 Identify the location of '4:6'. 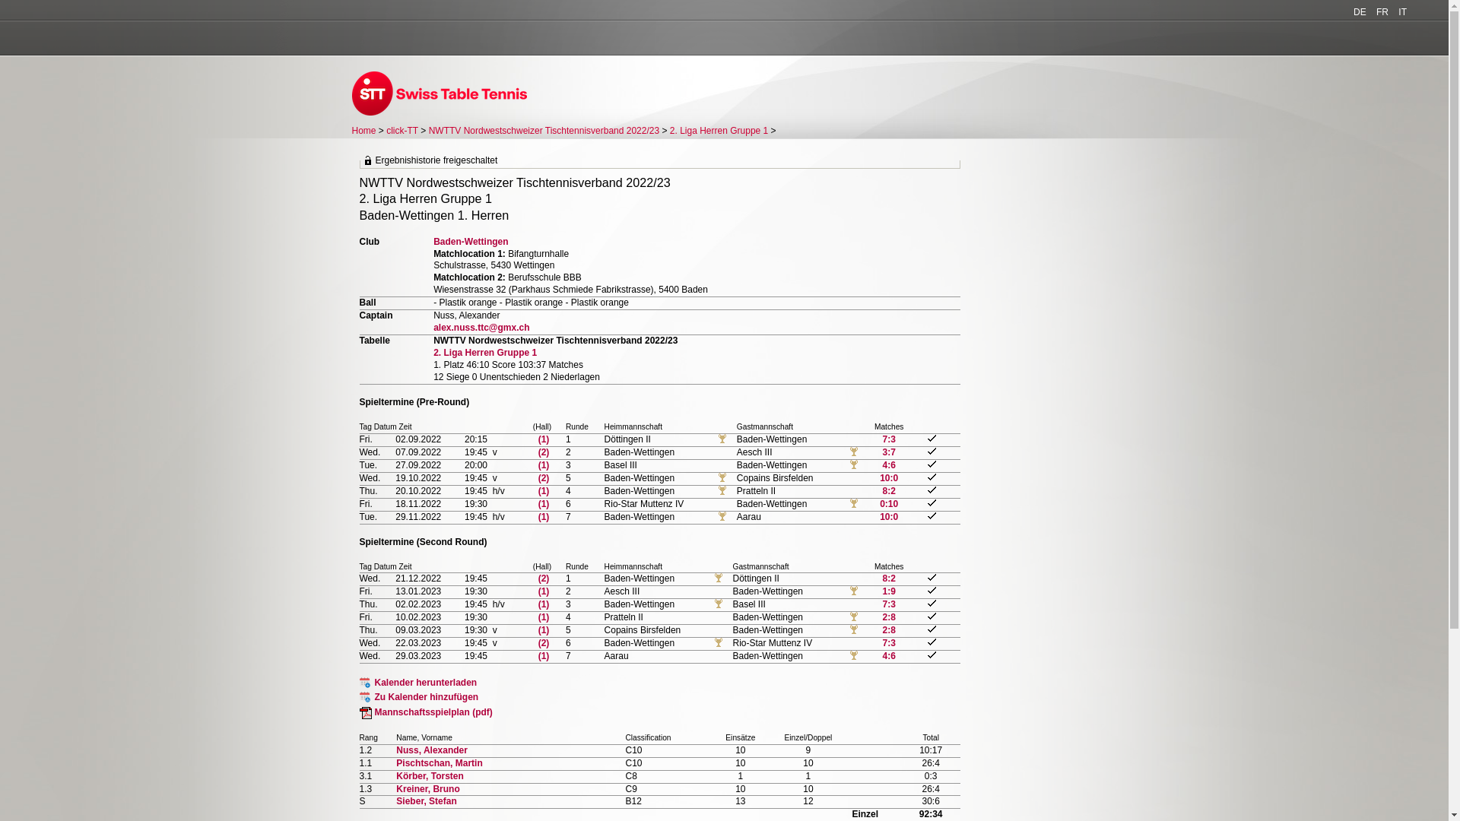
(889, 655).